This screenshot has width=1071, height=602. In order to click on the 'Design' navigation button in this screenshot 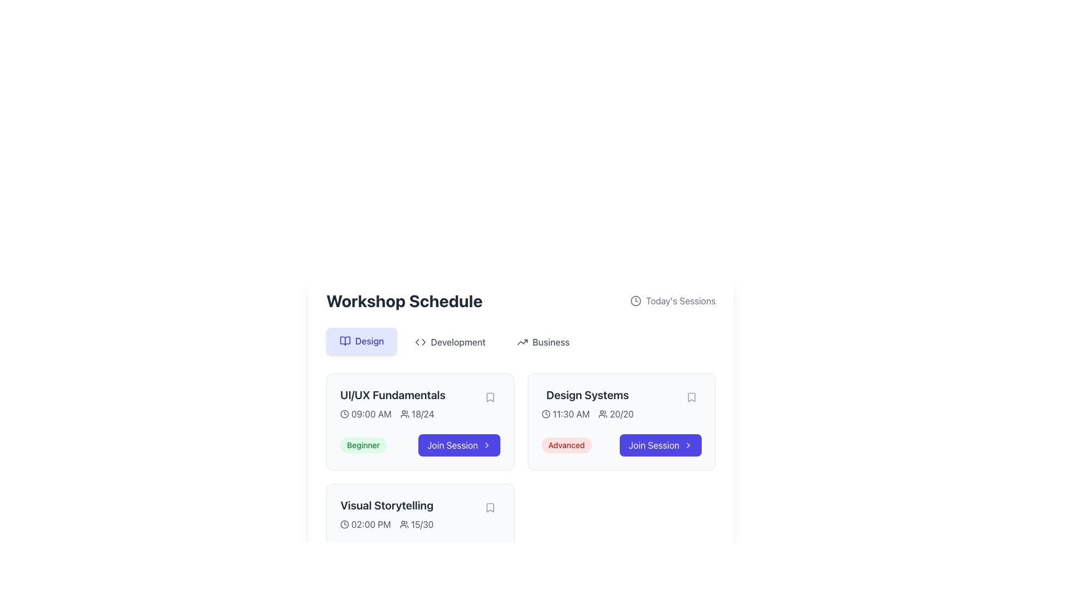, I will do `click(361, 341)`.